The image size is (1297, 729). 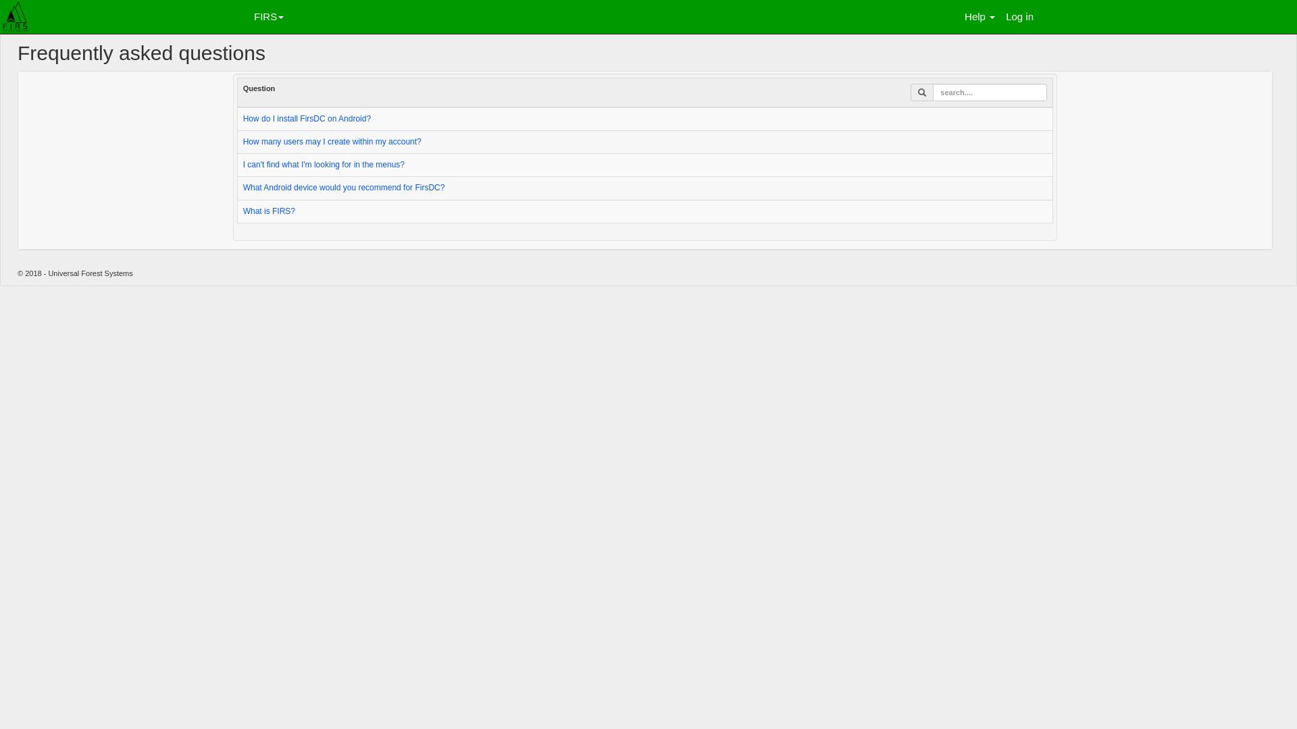 What do you see at coordinates (1024, 16) in the screenshot?
I see `'Log in'` at bounding box center [1024, 16].